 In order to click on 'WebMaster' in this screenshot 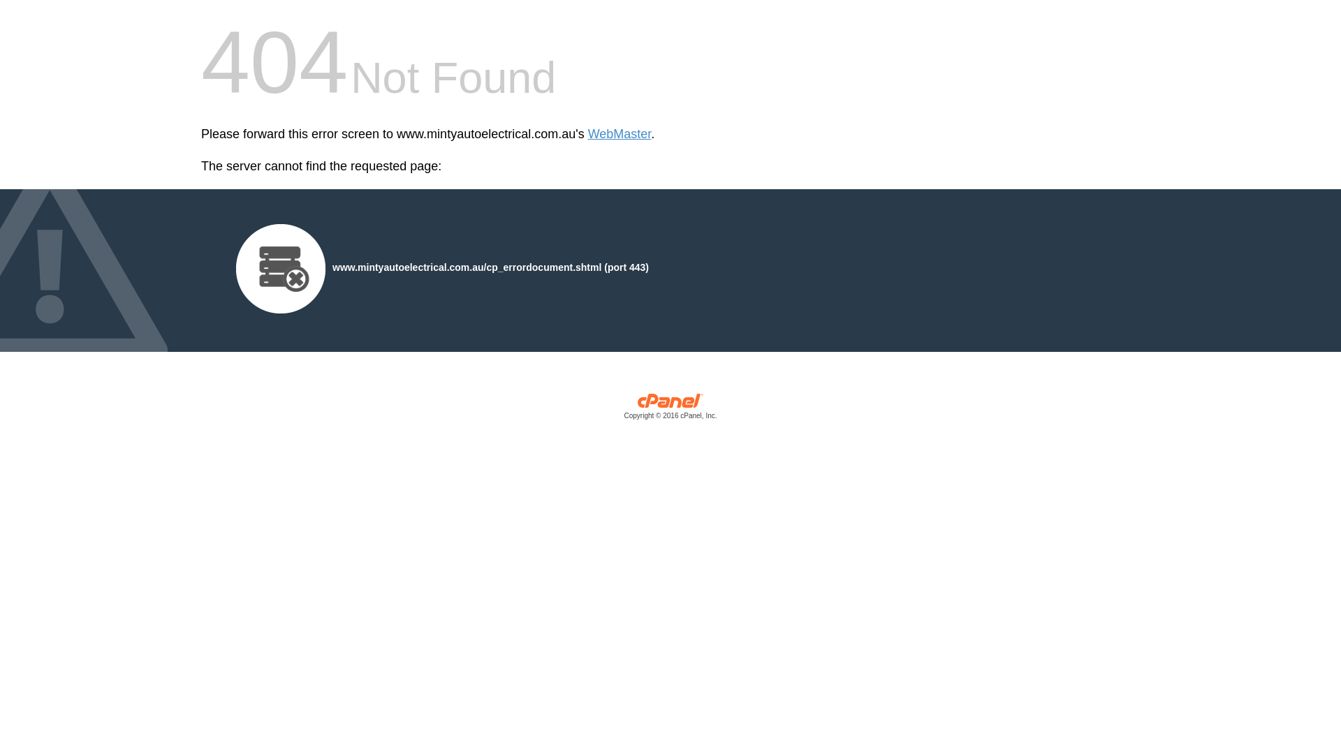, I will do `click(619, 134)`.